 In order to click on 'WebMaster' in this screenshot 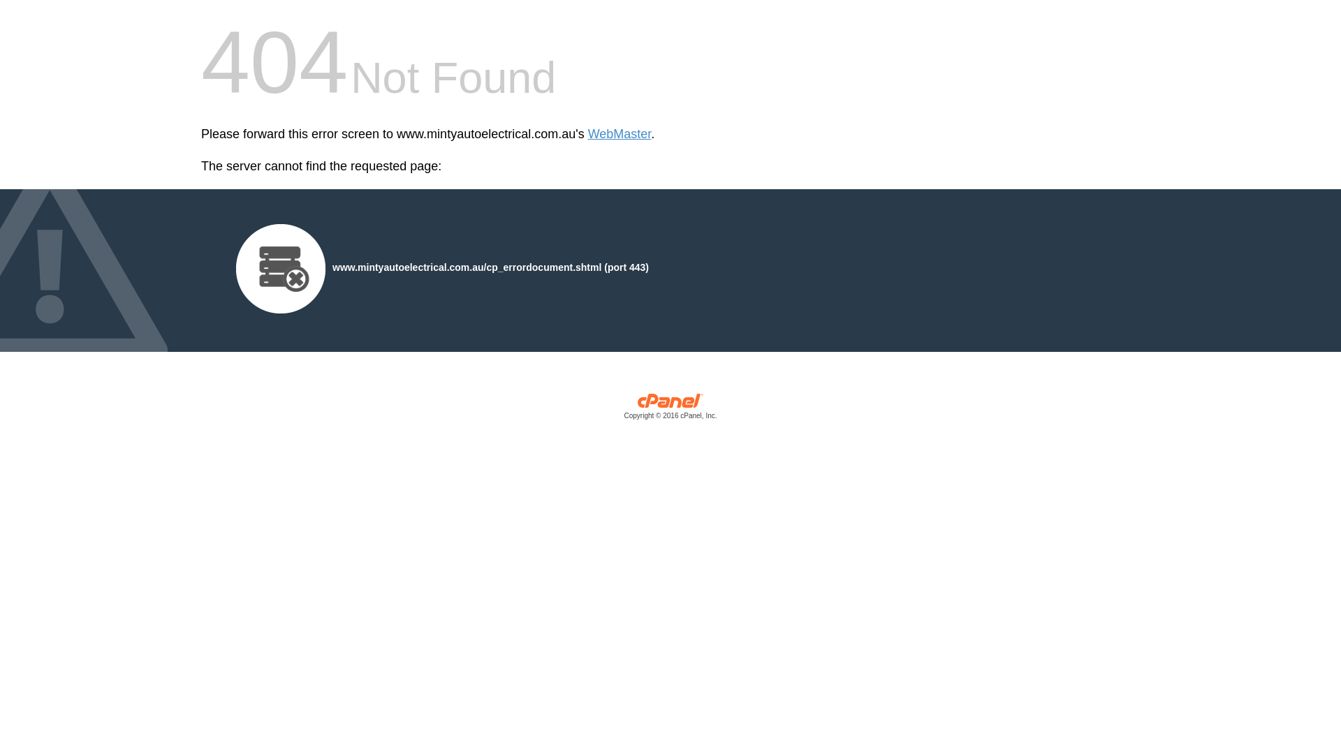, I will do `click(619, 134)`.